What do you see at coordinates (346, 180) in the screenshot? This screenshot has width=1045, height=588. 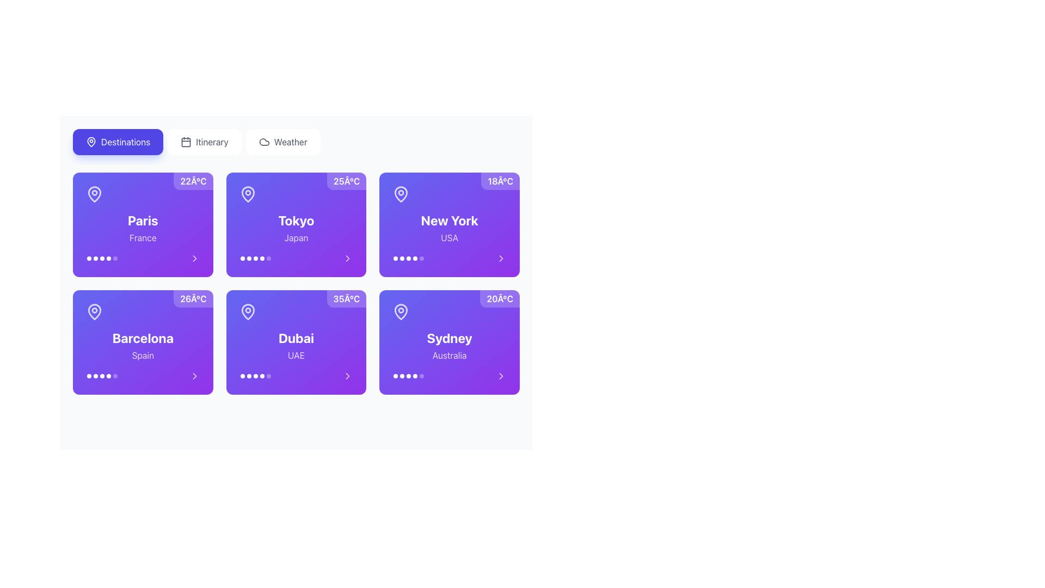 I see `the temperature label displaying climate conditions for 'Tokyo', which is located at the top-right corner of the card with 'Japan' underneath` at bounding box center [346, 180].